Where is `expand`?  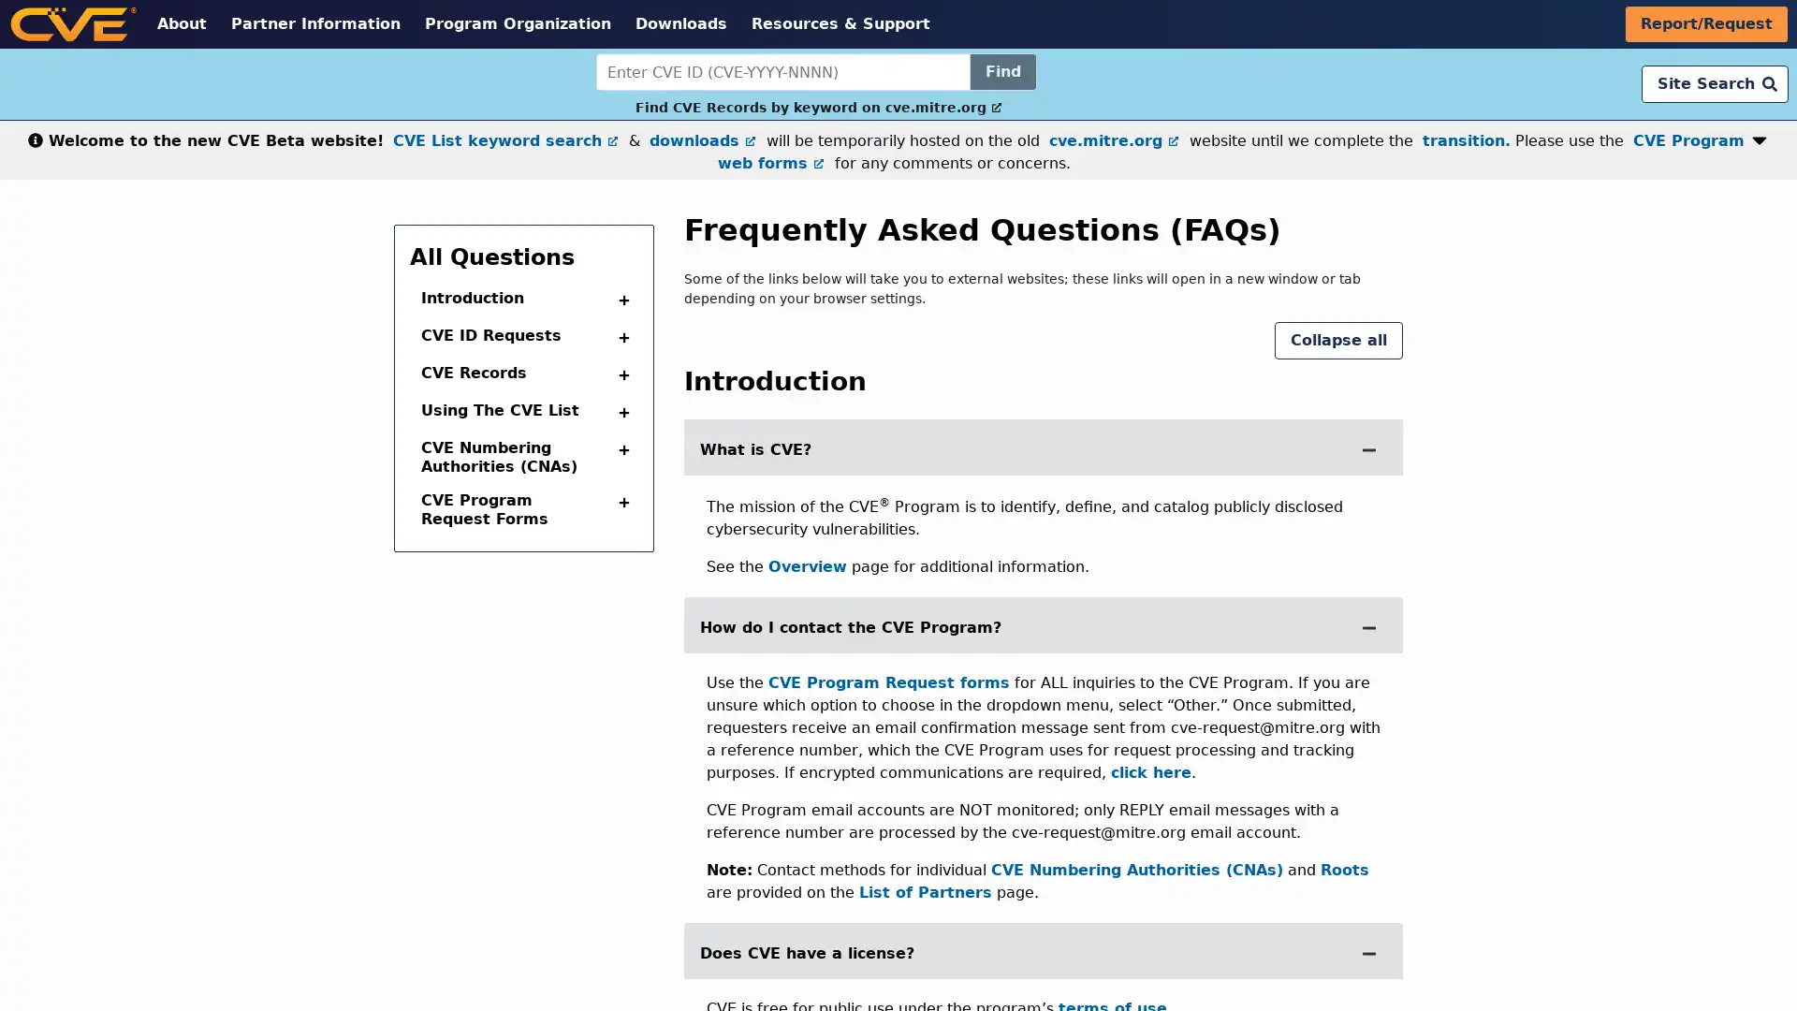 expand is located at coordinates (620, 338).